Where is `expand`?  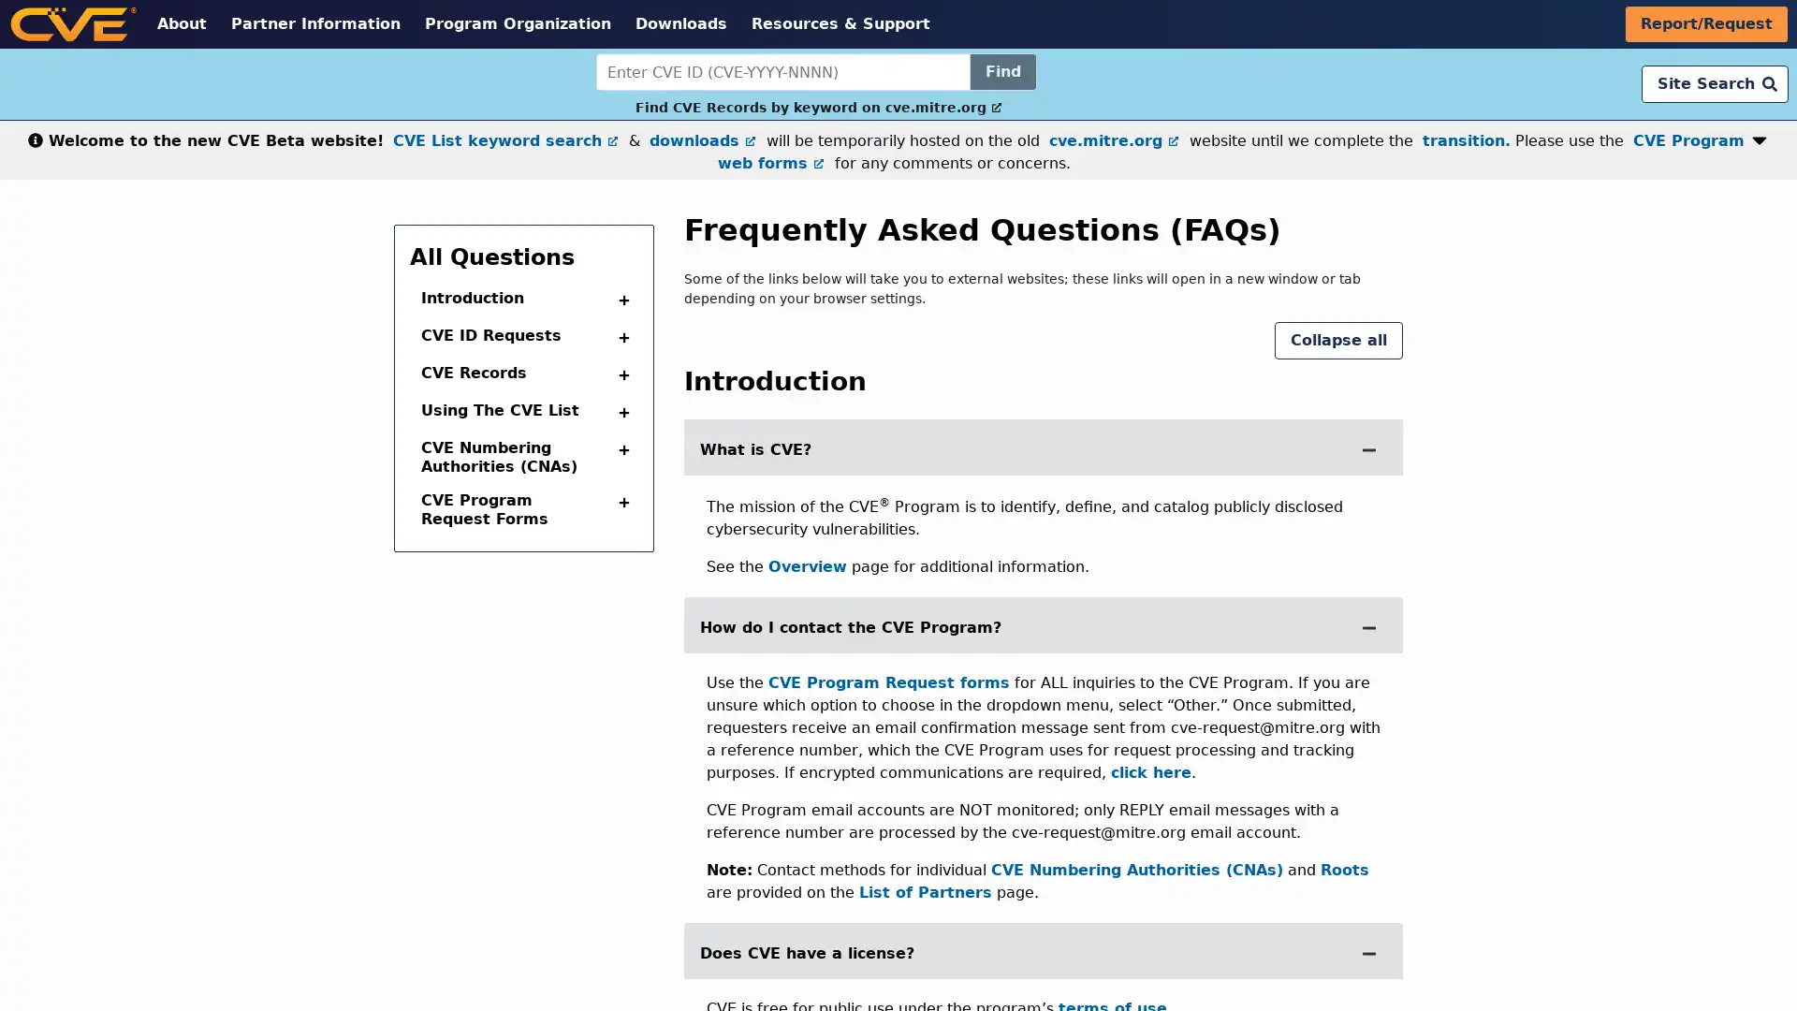 expand is located at coordinates (620, 338).